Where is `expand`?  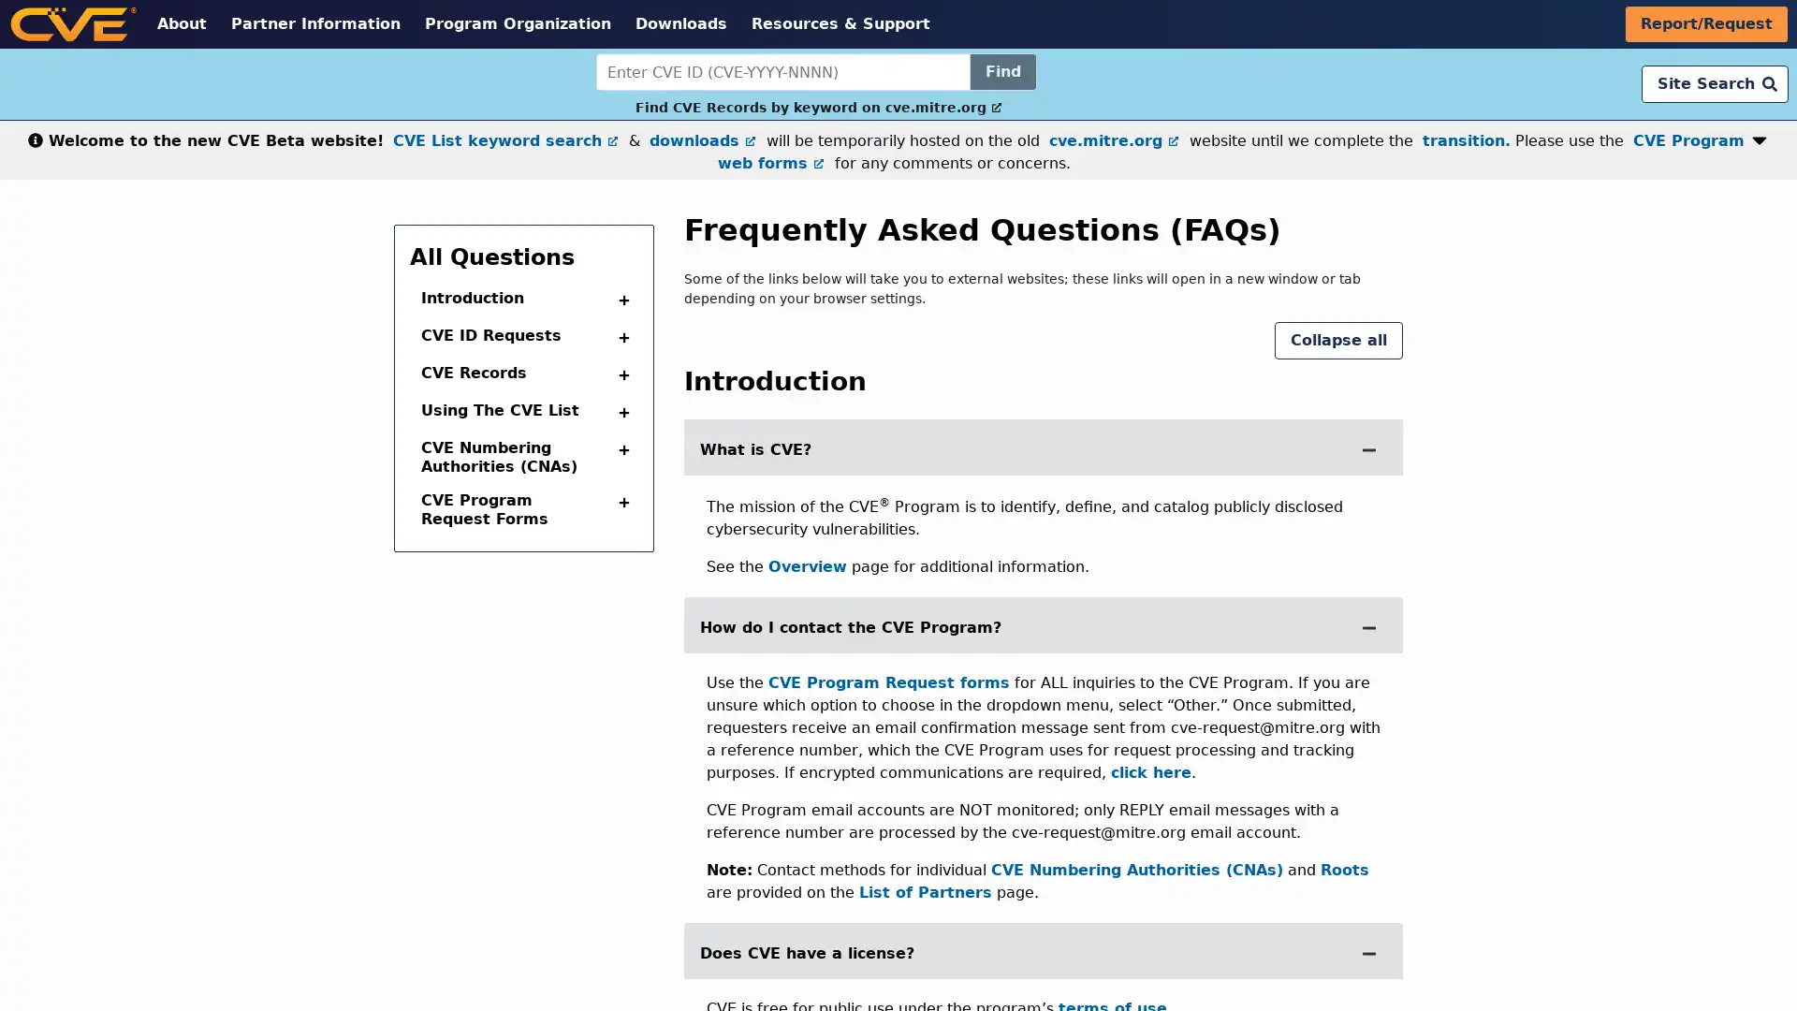 expand is located at coordinates (620, 338).